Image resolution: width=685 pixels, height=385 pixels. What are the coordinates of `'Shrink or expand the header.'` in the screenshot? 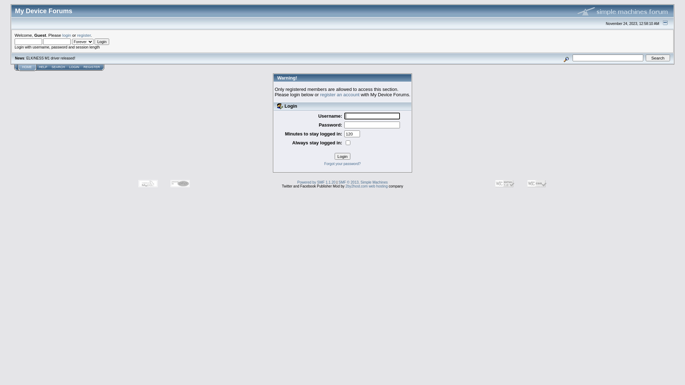 It's located at (665, 22).